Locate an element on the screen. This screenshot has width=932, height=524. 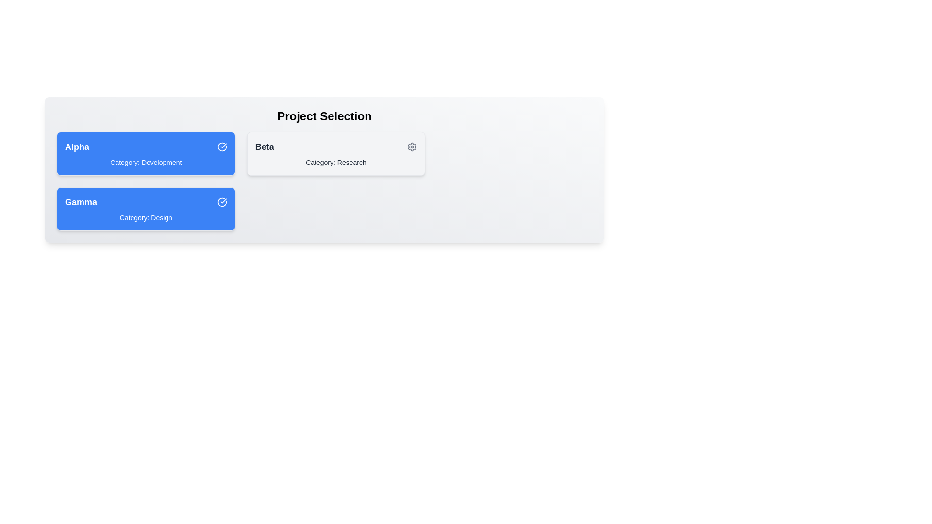
the project card corresponding to Gamma is located at coordinates (145, 209).